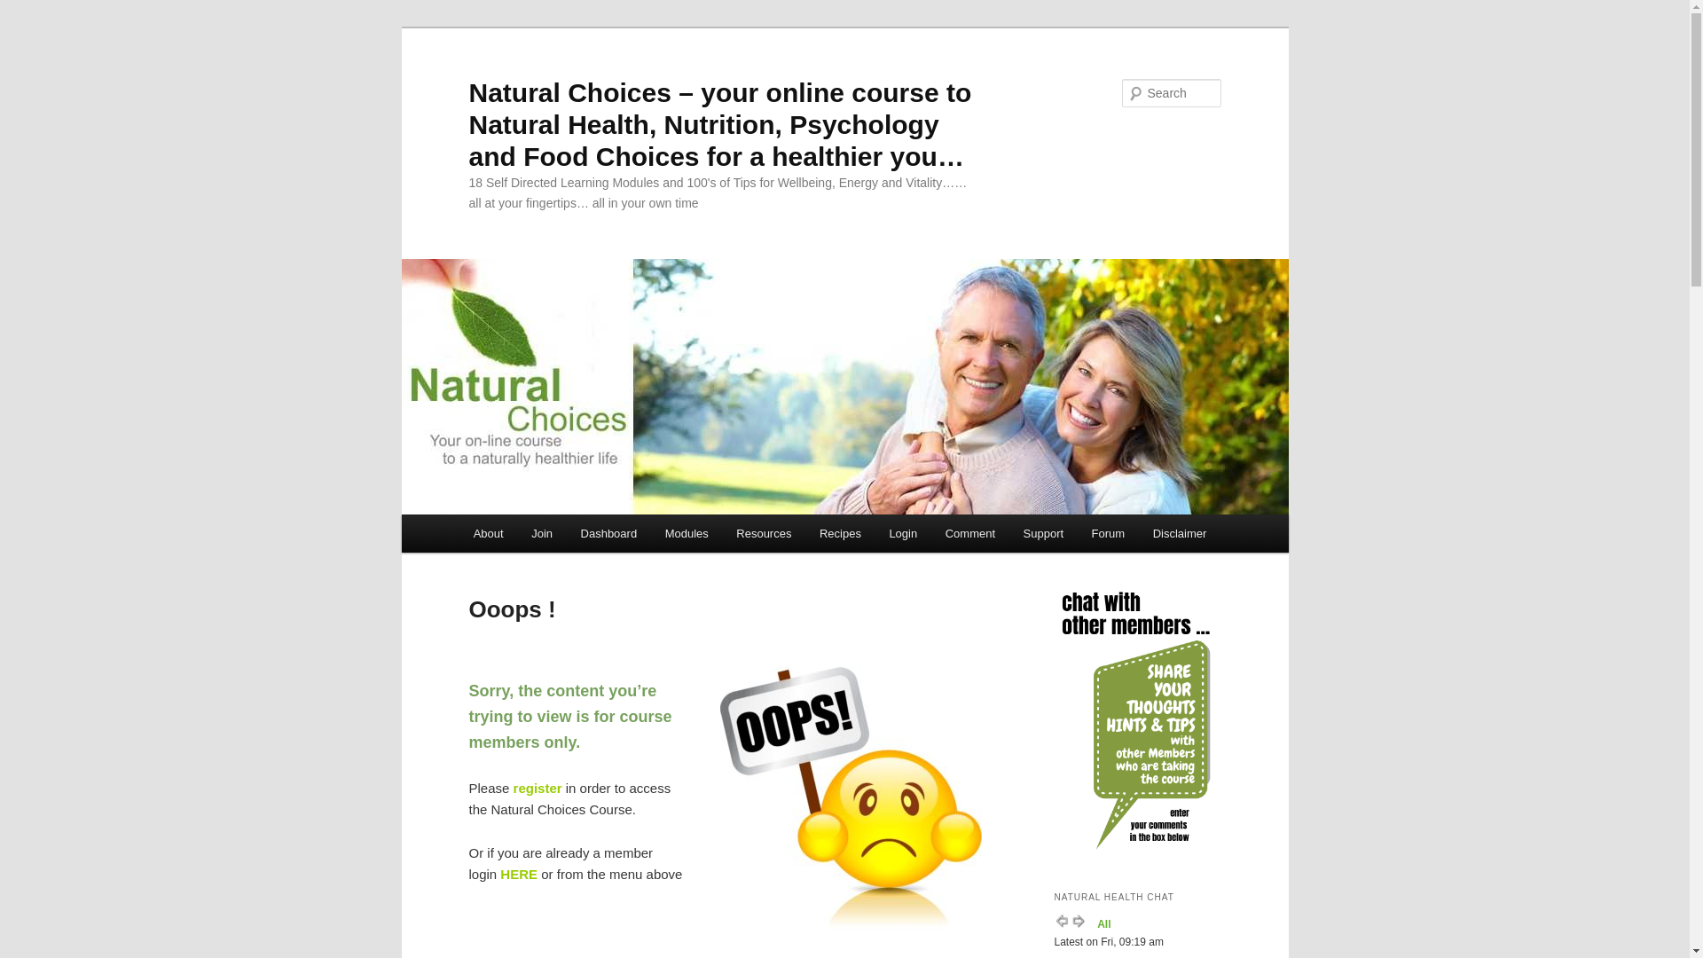 The width and height of the screenshot is (1703, 958). What do you see at coordinates (608, 532) in the screenshot?
I see `'Dashboard'` at bounding box center [608, 532].